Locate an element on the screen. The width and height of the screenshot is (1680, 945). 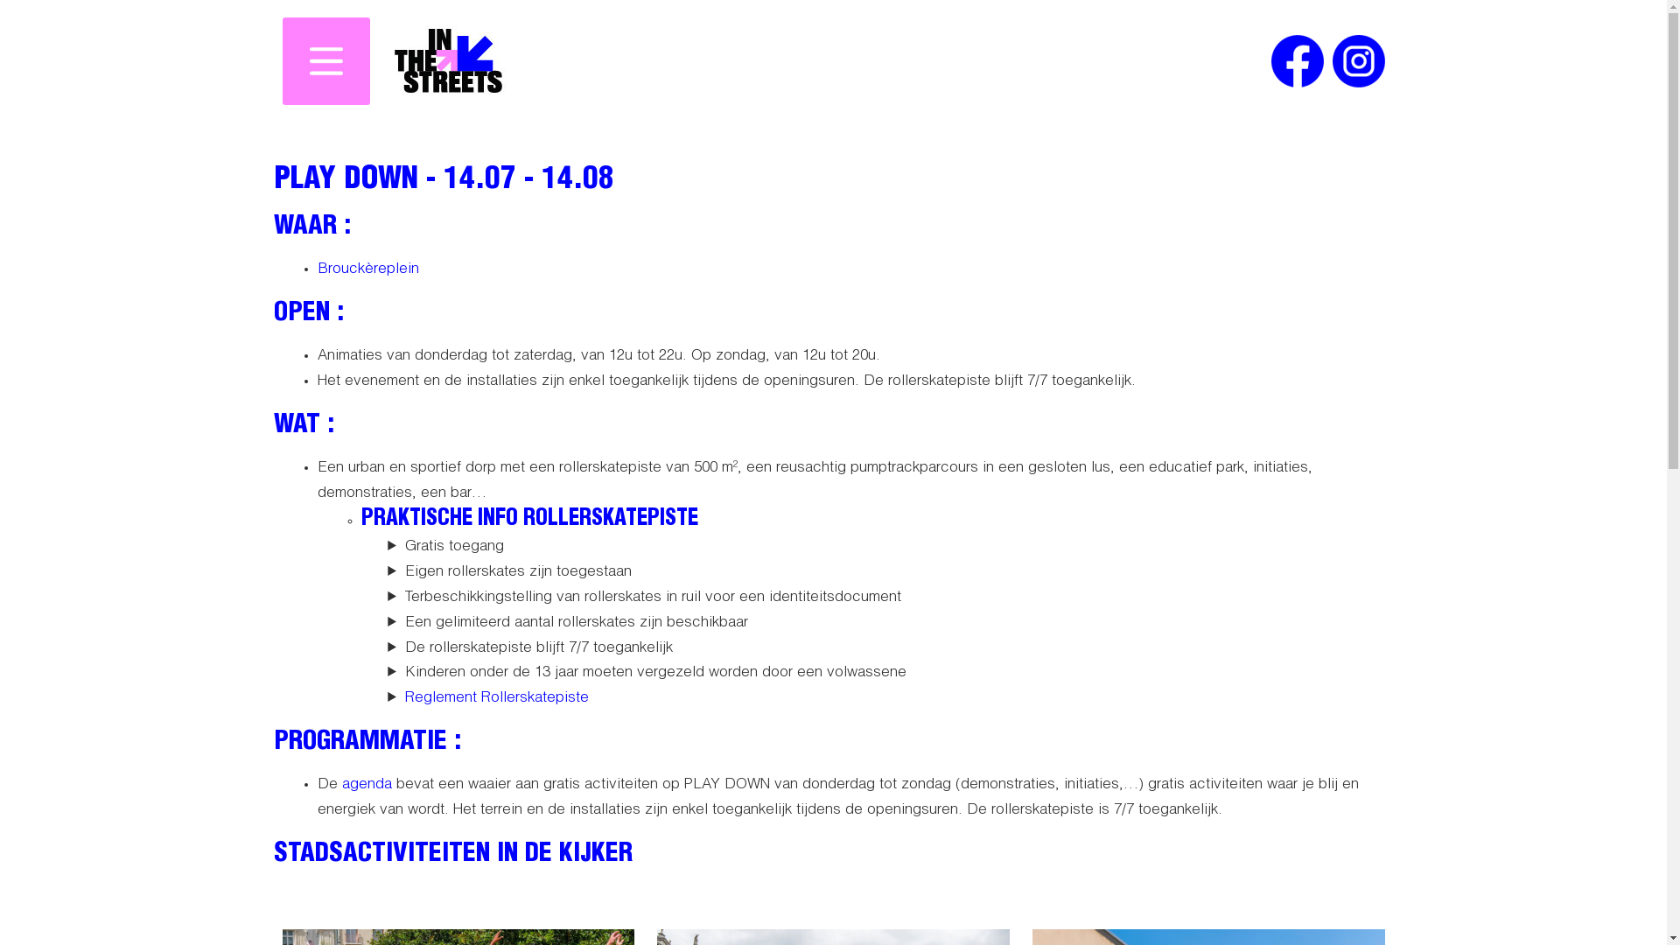
'Reglement Rollerskatepiste' is located at coordinates (494, 697).